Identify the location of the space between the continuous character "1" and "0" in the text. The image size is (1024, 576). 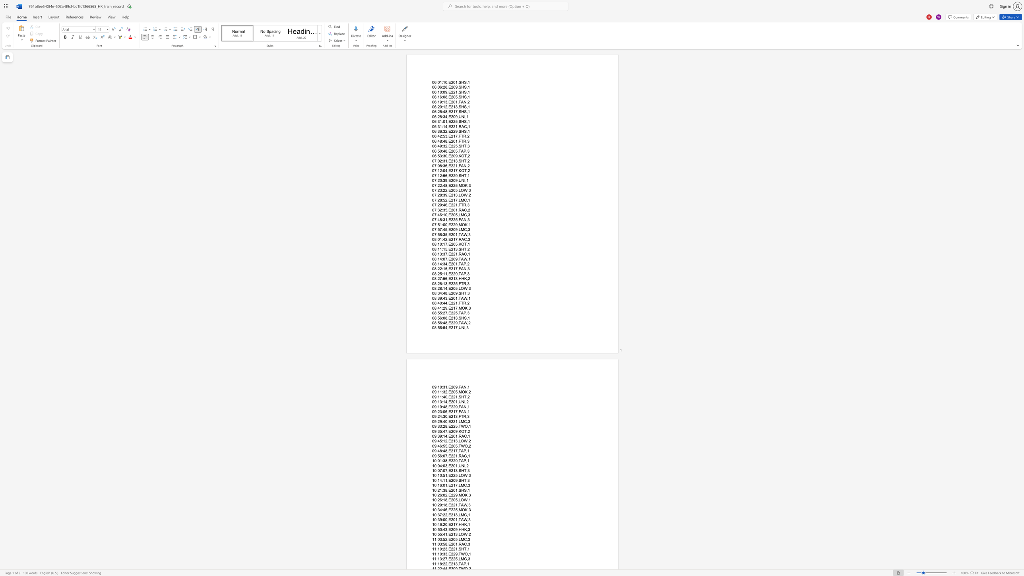
(434, 500).